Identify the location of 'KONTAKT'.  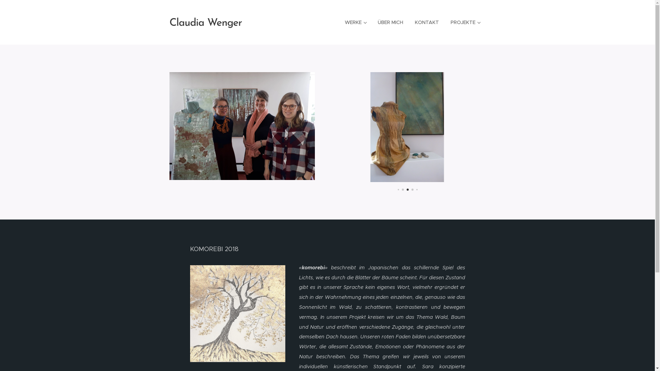
(427, 22).